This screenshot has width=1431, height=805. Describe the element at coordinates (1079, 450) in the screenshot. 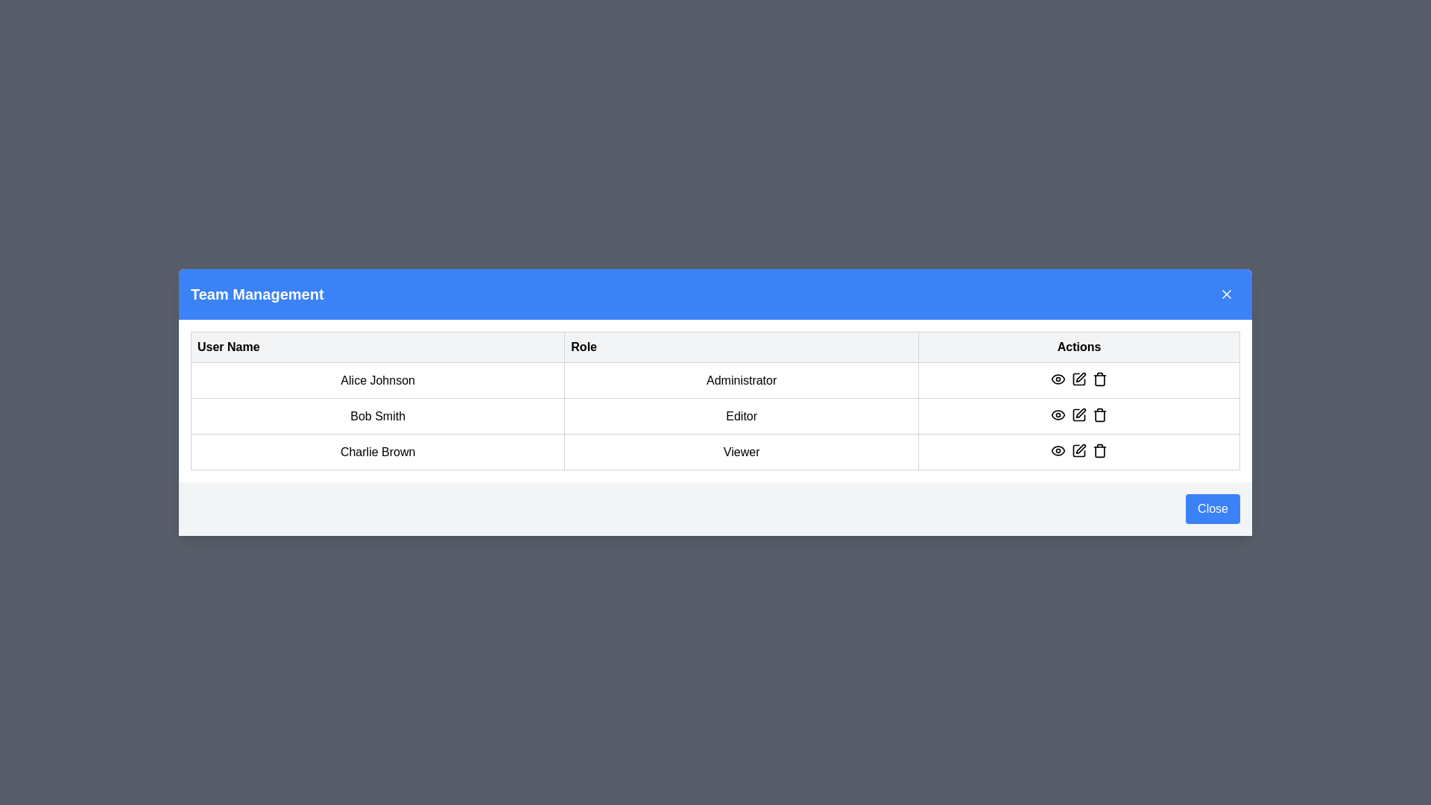

I see `the edit icon located in the 'Actions' column of the row corresponding to 'Charlie Brown', which is situated between an eye icon on the left and a trash icon on the right` at that location.